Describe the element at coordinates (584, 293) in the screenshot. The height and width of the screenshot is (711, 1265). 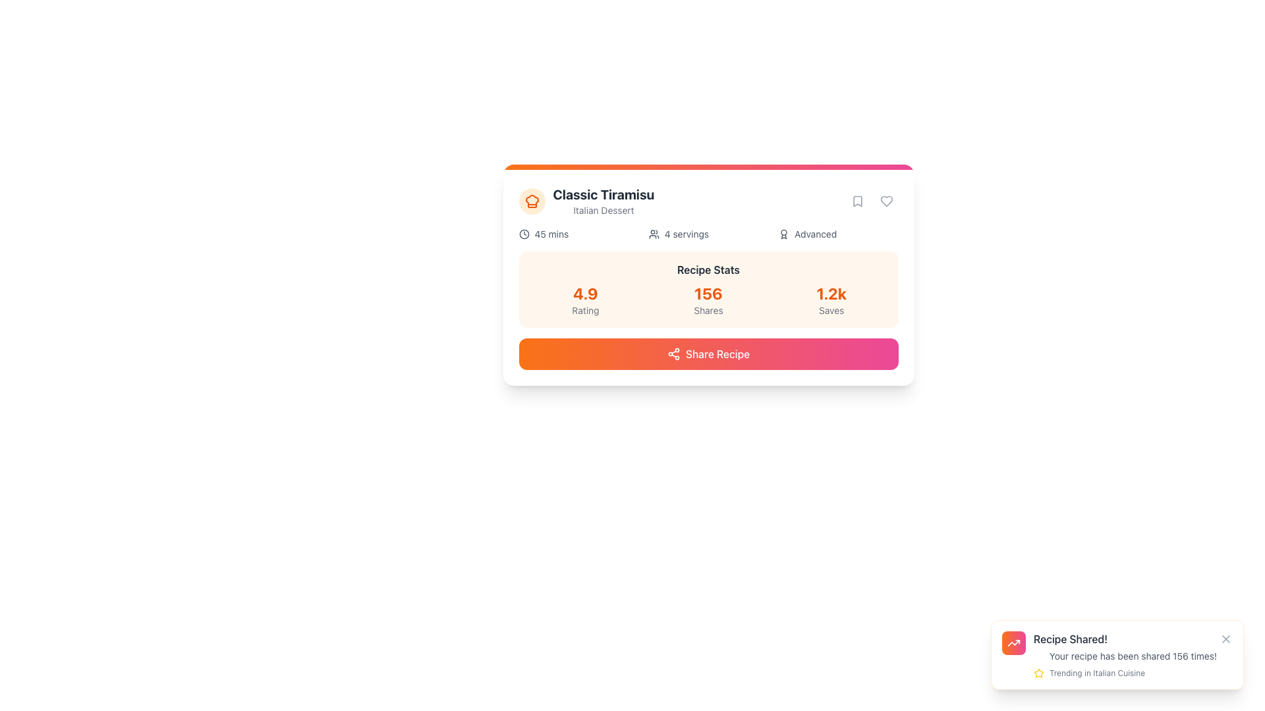
I see `the bold, large-sized numerical text '4.9' styled in orange, which is located in the top-left section of the 'Recipe Stats' area, above the label 'Rating'` at that location.